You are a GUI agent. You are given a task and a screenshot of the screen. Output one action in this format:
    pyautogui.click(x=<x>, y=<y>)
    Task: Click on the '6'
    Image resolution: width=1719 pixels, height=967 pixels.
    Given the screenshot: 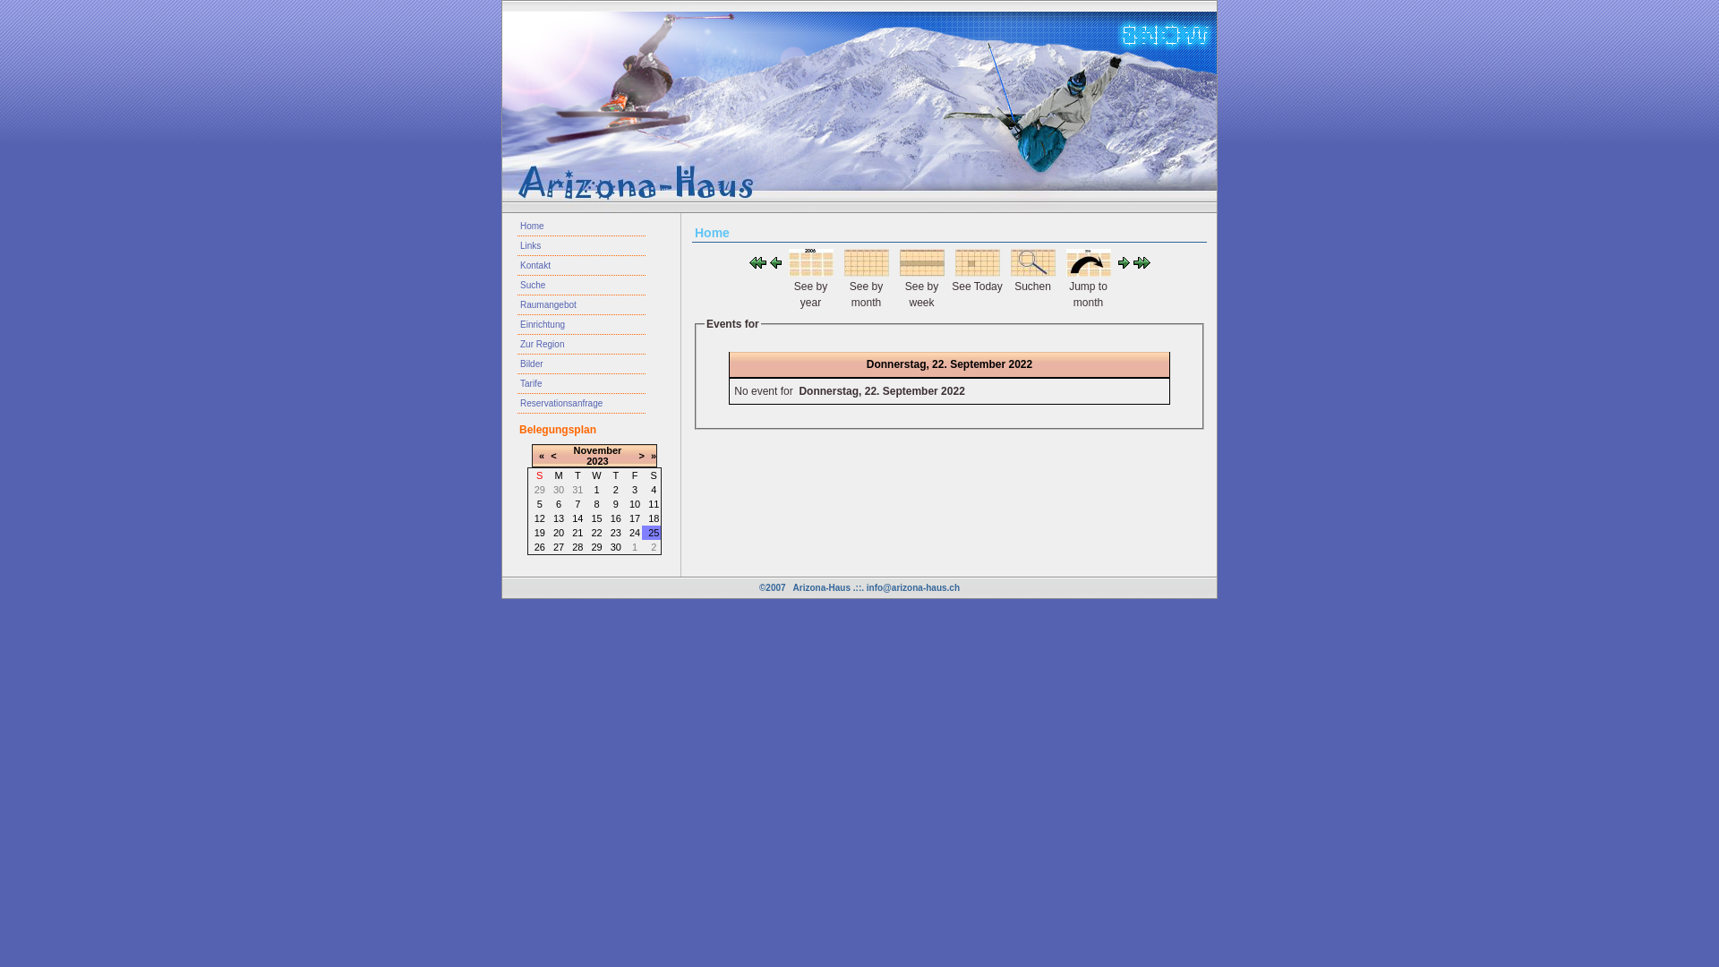 What is the action you would take?
    pyautogui.click(x=558, y=504)
    